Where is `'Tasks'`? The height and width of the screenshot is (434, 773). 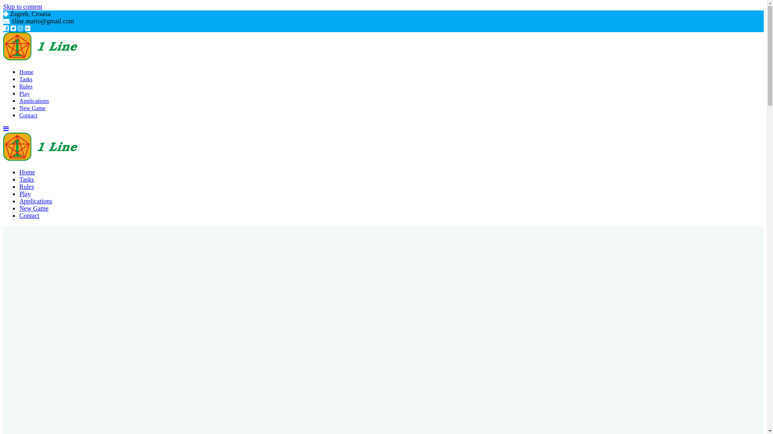
'Tasks' is located at coordinates (27, 179).